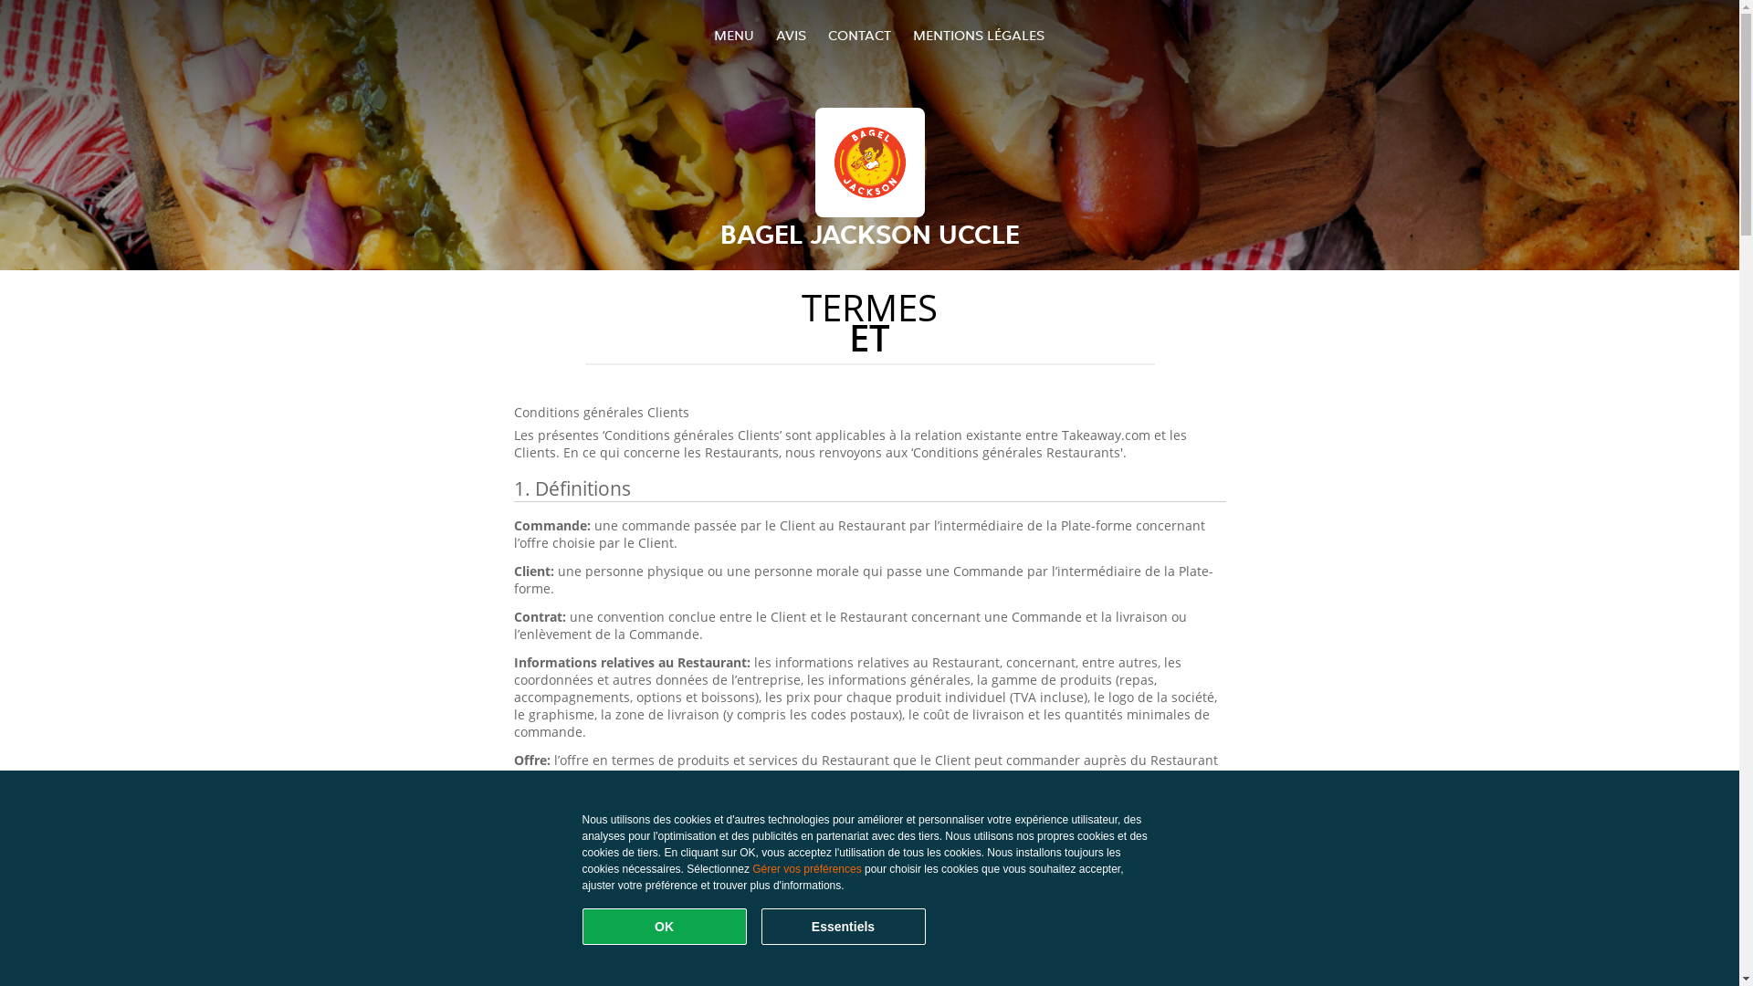  What do you see at coordinates (842, 926) in the screenshot?
I see `'Essentiels'` at bounding box center [842, 926].